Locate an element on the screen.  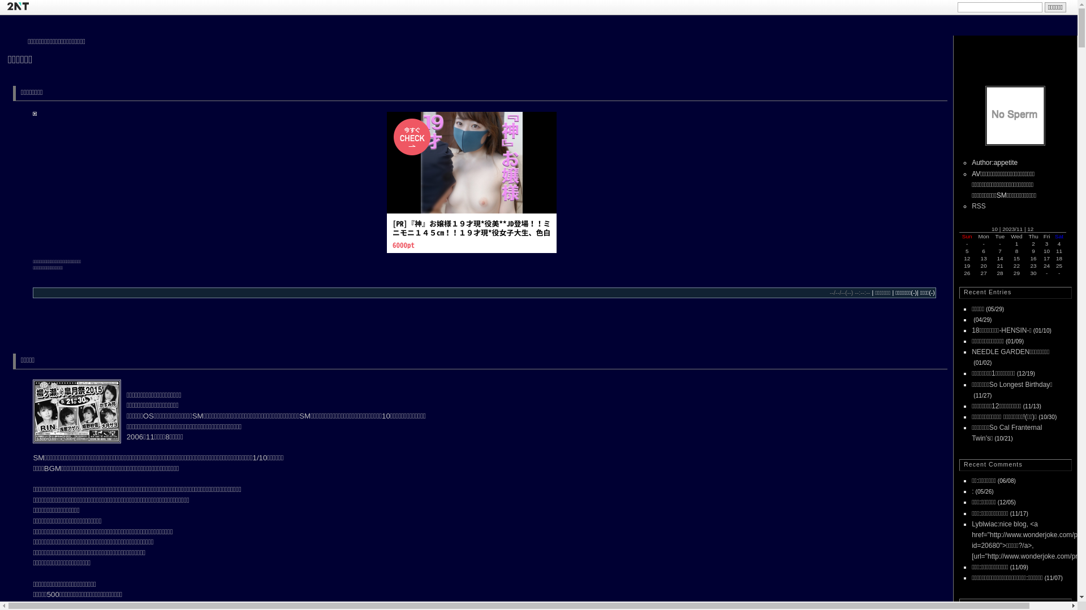
'12' is located at coordinates (1030, 229).